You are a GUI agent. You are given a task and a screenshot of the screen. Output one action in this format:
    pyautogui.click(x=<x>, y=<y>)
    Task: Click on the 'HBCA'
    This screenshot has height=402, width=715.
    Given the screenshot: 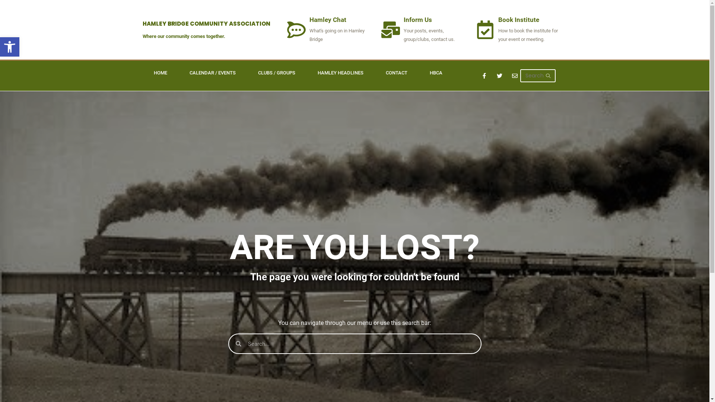 What is the action you would take?
    pyautogui.click(x=418, y=73)
    